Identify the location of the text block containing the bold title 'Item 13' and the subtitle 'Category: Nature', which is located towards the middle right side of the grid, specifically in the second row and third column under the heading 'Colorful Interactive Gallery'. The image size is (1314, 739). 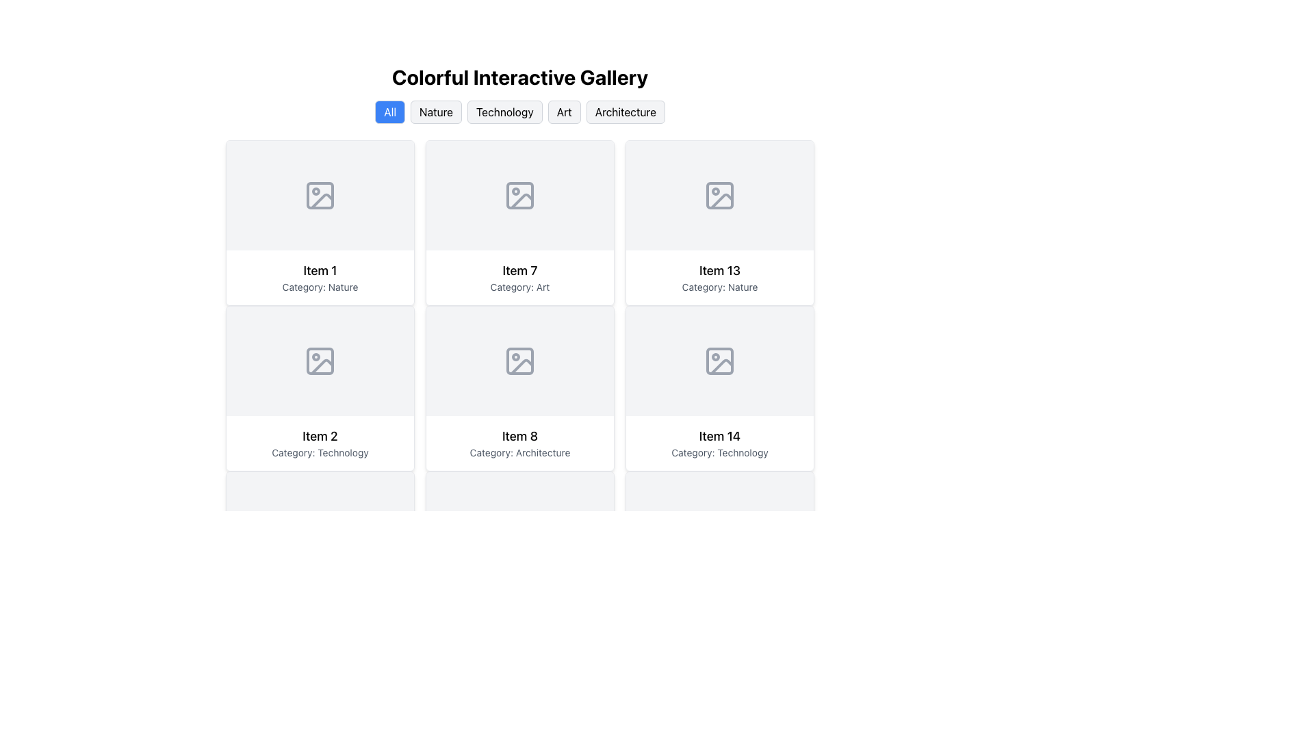
(719, 277).